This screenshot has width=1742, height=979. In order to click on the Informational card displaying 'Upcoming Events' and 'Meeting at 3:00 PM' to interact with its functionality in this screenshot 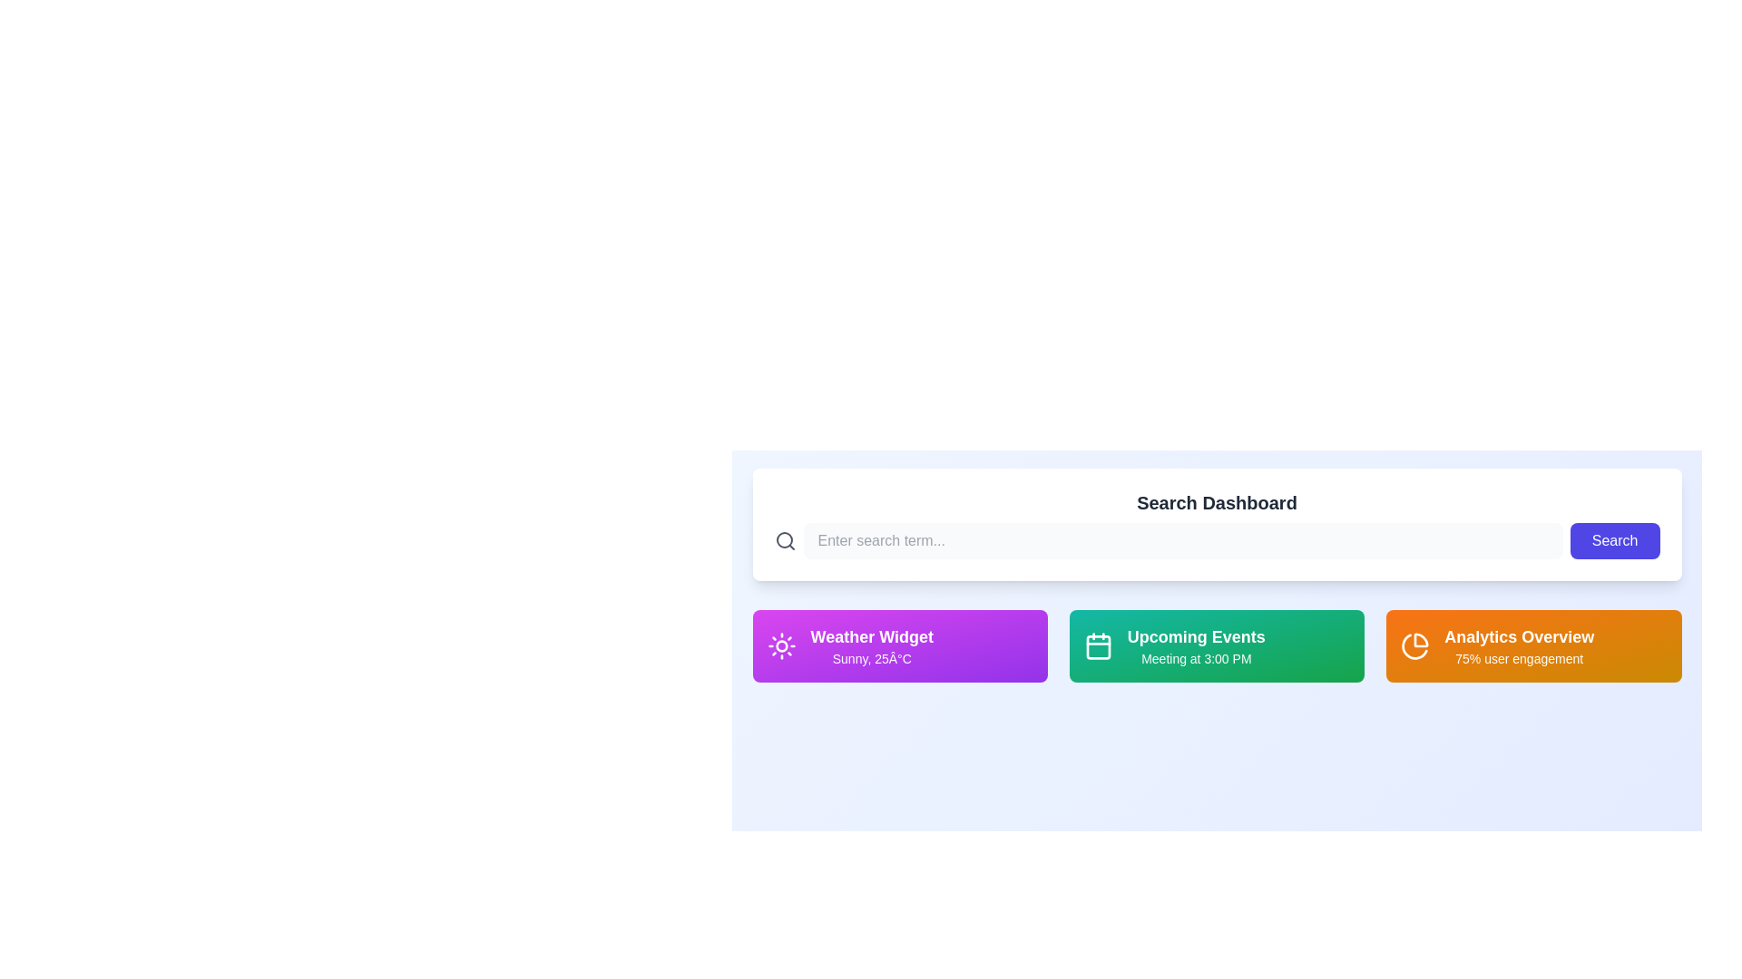, I will do `click(1196, 645)`.